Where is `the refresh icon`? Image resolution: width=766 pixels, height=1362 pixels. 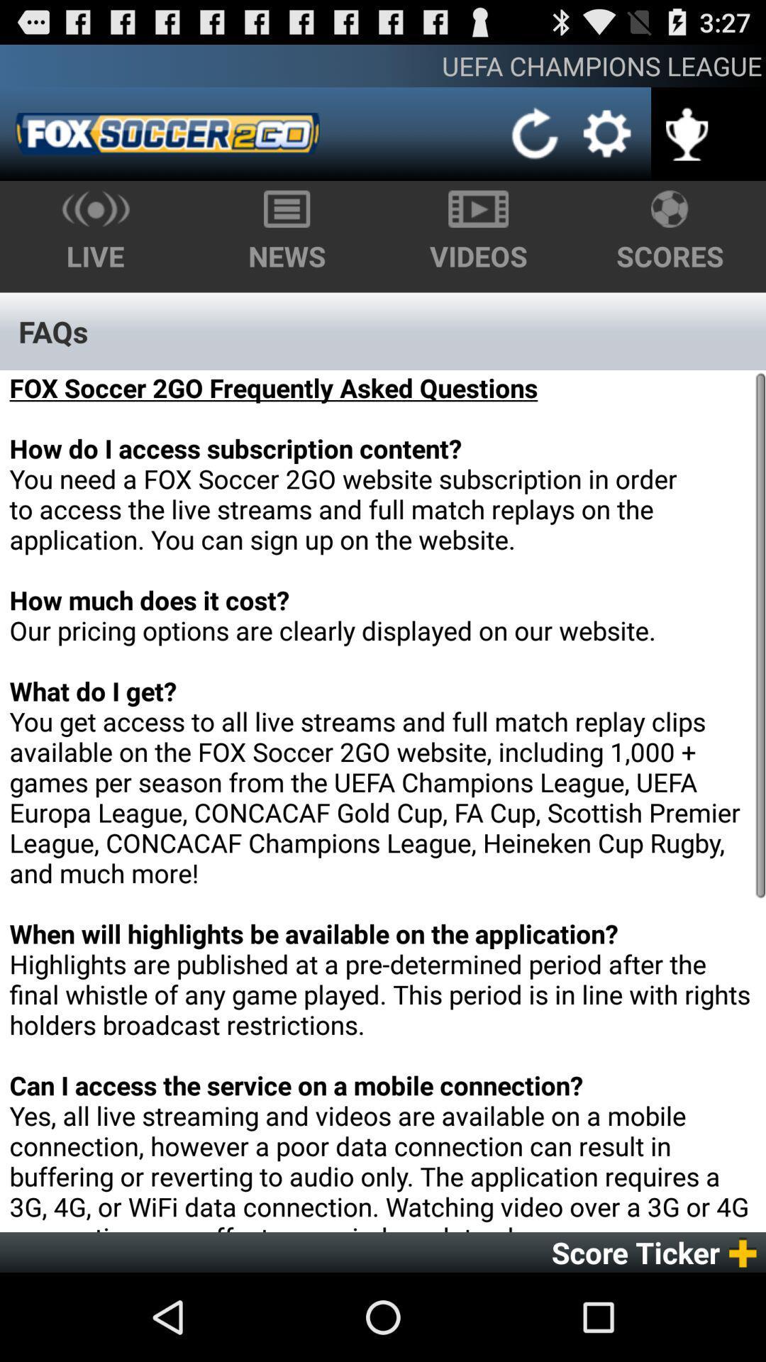
the refresh icon is located at coordinates (535, 143).